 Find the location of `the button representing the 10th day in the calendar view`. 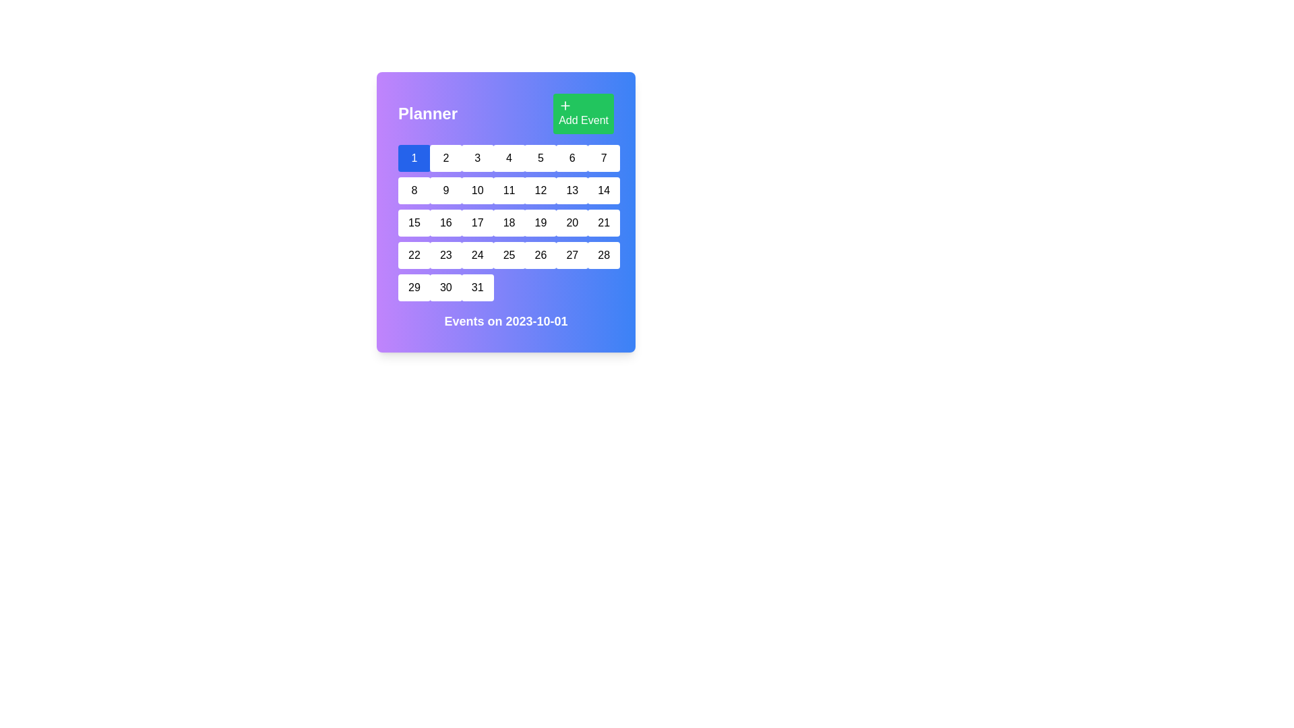

the button representing the 10th day in the calendar view is located at coordinates (477, 190).